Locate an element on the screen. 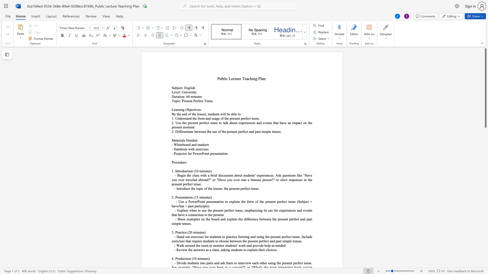 The width and height of the screenshot is (488, 274). the space between the continuous character "N" and "e" in the text is located at coordinates (188, 140).